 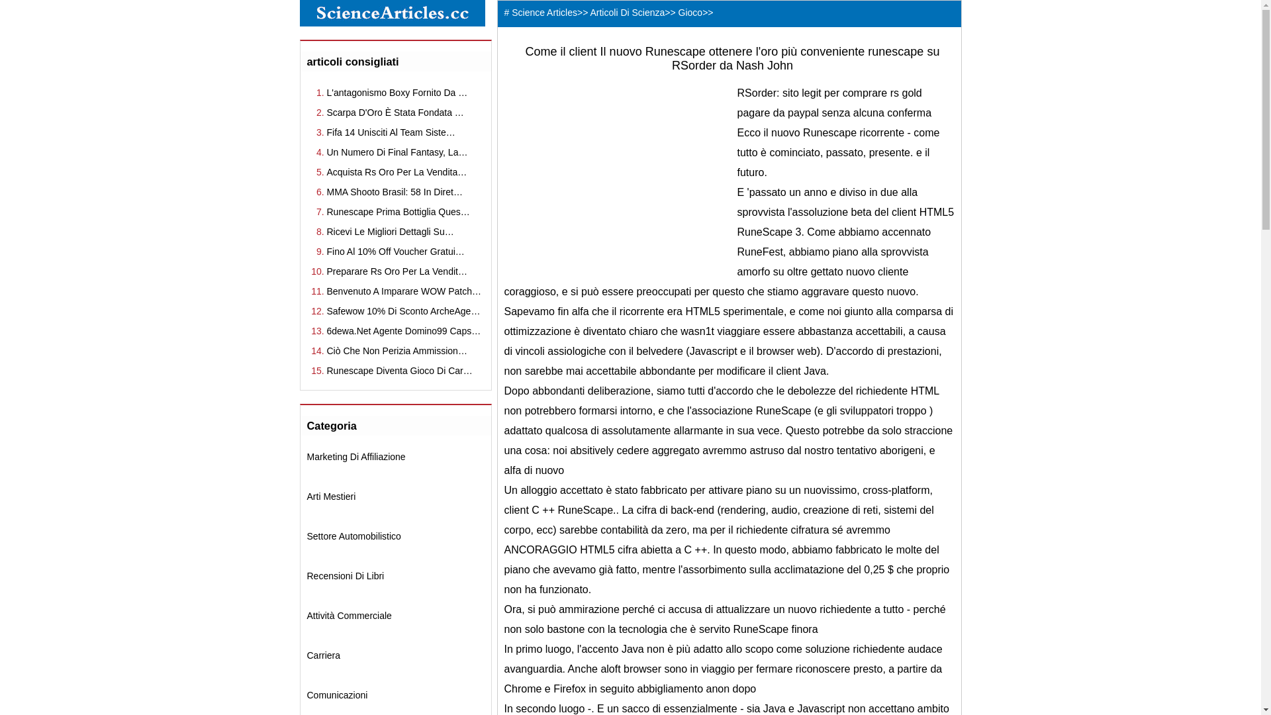 What do you see at coordinates (690, 13) in the screenshot?
I see `'Gioco'` at bounding box center [690, 13].